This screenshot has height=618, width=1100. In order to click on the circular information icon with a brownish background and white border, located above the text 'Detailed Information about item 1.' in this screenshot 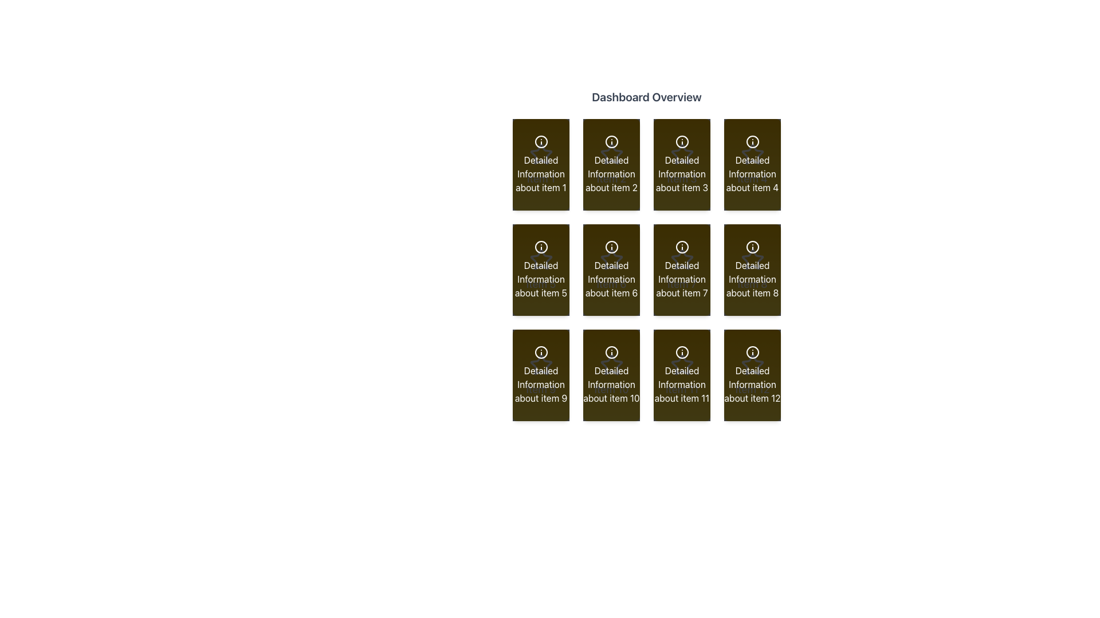, I will do `click(540, 141)`.